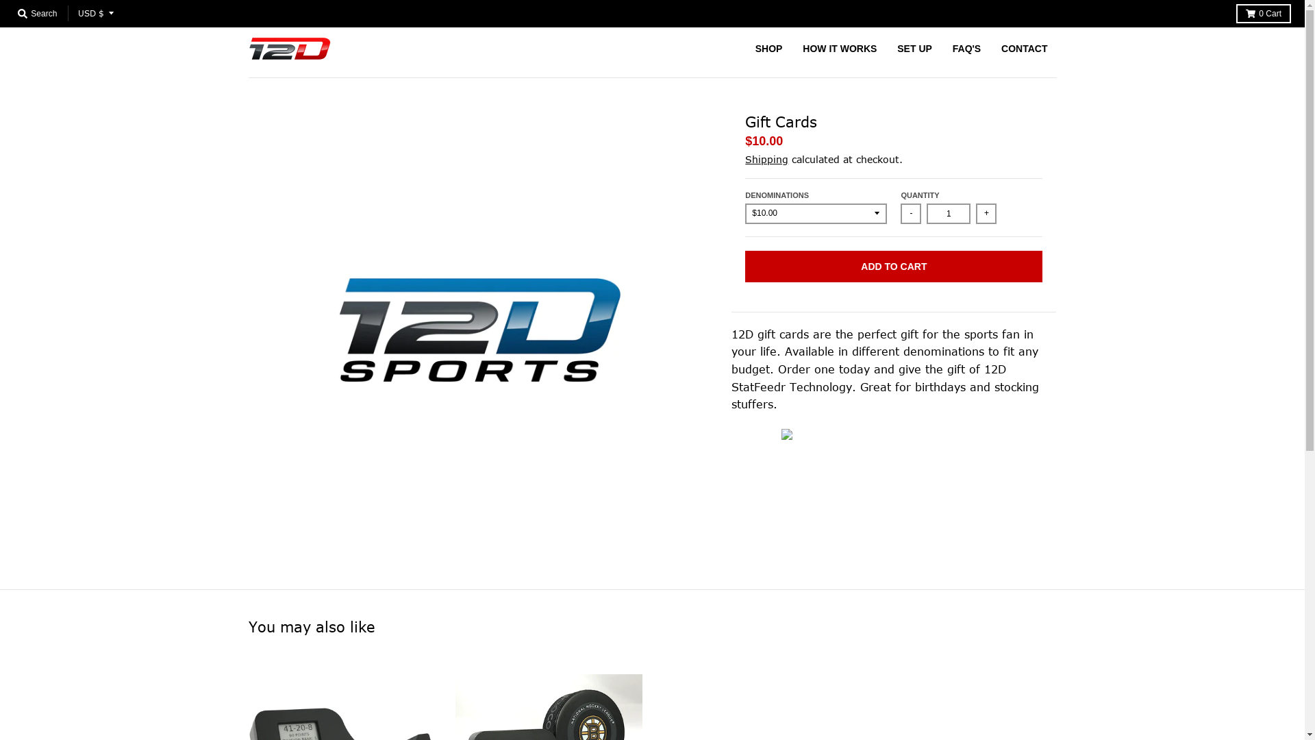  Describe the element at coordinates (744, 158) in the screenshot. I see `'Shipping'` at that location.